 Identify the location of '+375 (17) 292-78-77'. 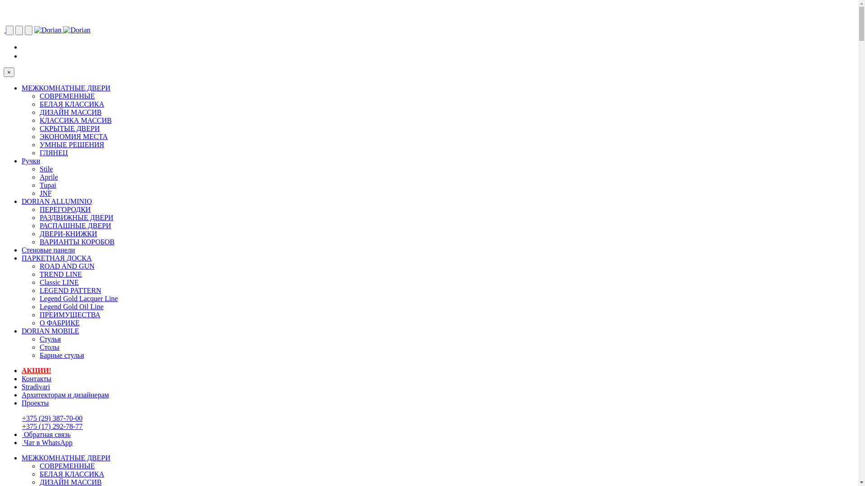
(51, 426).